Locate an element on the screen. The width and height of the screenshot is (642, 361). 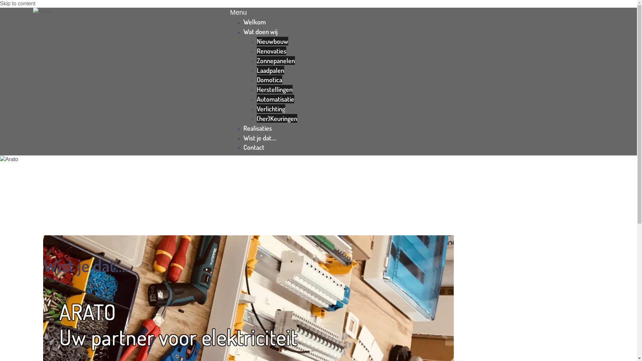
'Automatisatie' is located at coordinates (276, 99).